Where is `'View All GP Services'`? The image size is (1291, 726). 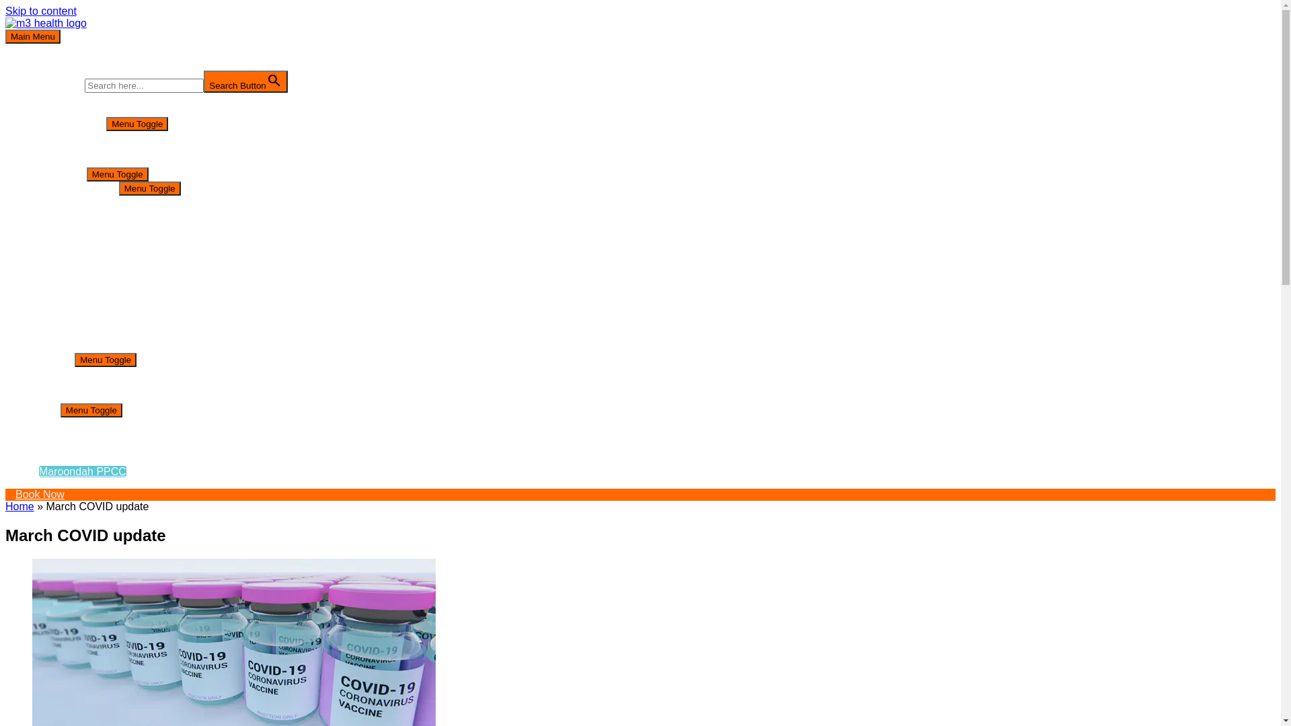
'View All GP Services' is located at coordinates (136, 201).